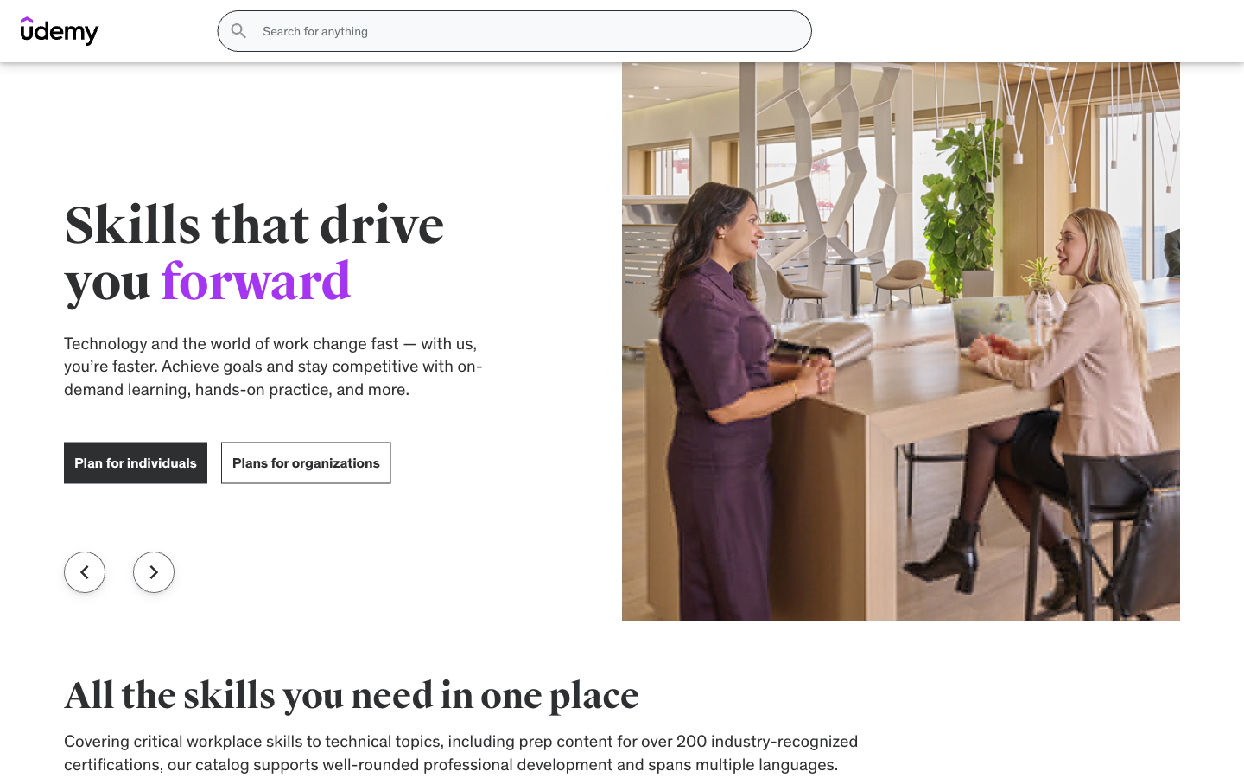 This screenshot has width=1244, height=778. What do you see at coordinates (280, 395) in the screenshot?
I see `filter type` at bounding box center [280, 395].